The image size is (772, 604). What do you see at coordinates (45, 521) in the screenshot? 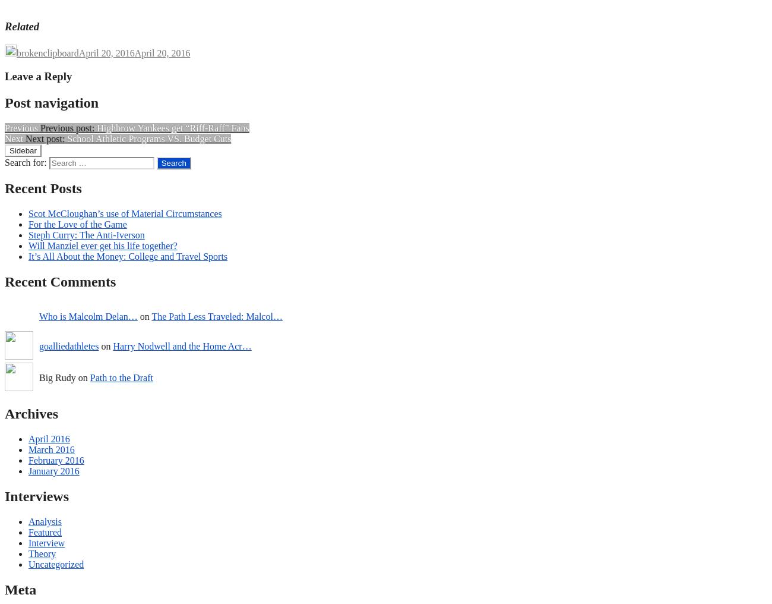
I see `'Analysis'` at bounding box center [45, 521].